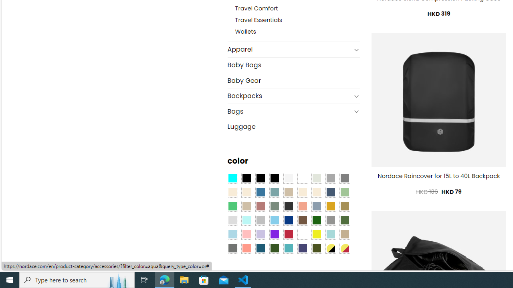 The width and height of the screenshot is (513, 288). What do you see at coordinates (246, 234) in the screenshot?
I see `'Pink'` at bounding box center [246, 234].